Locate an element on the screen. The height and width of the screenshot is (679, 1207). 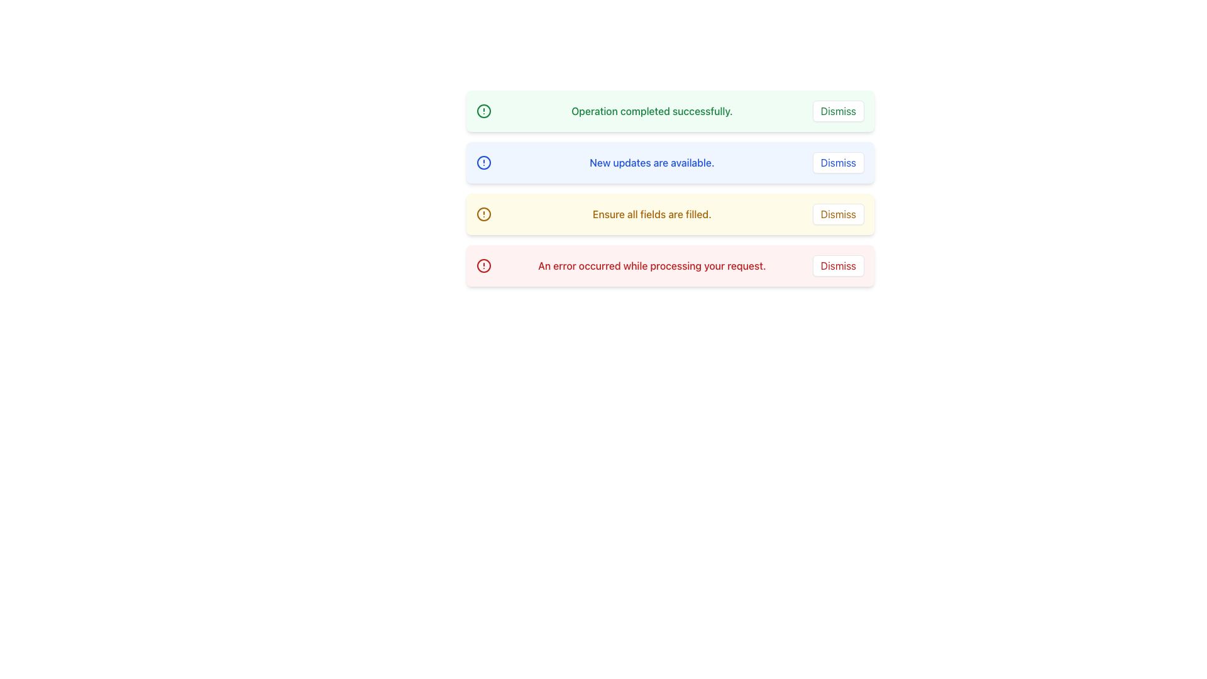
the circular caution icon with a hollow design and an exclamation mark inside, located next to the text 'Ensure all fields are filled.' in the third notification bar is located at coordinates (483, 213).